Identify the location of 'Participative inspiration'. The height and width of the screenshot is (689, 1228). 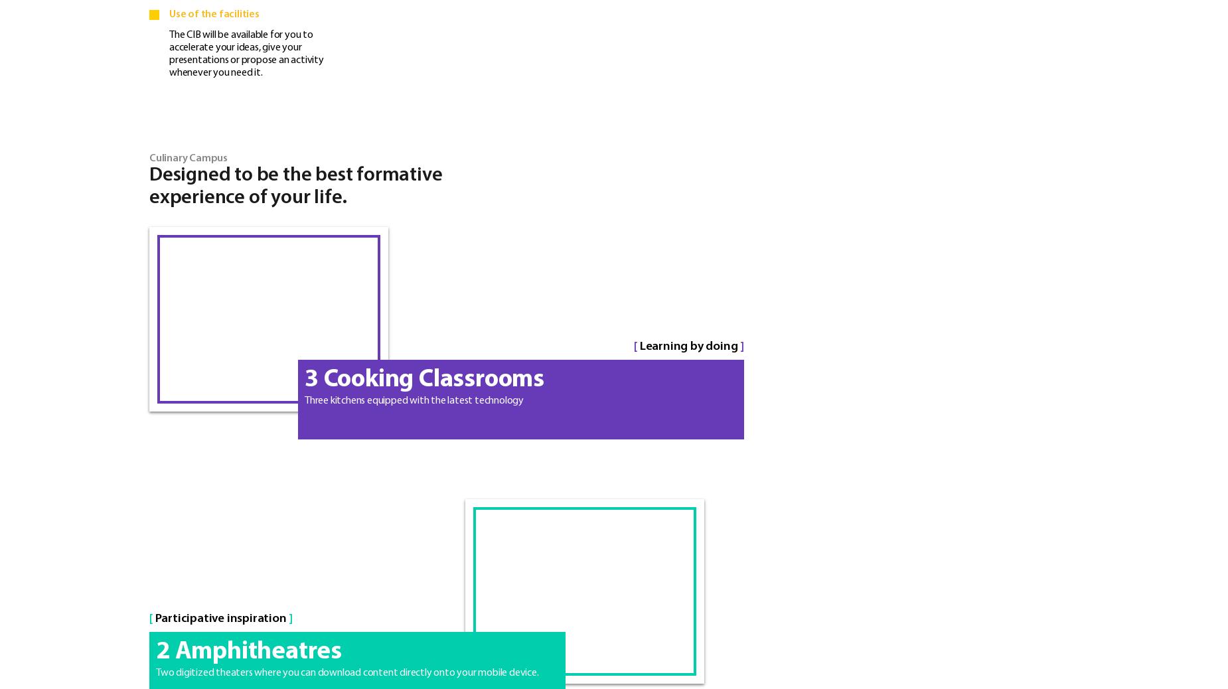
(220, 618).